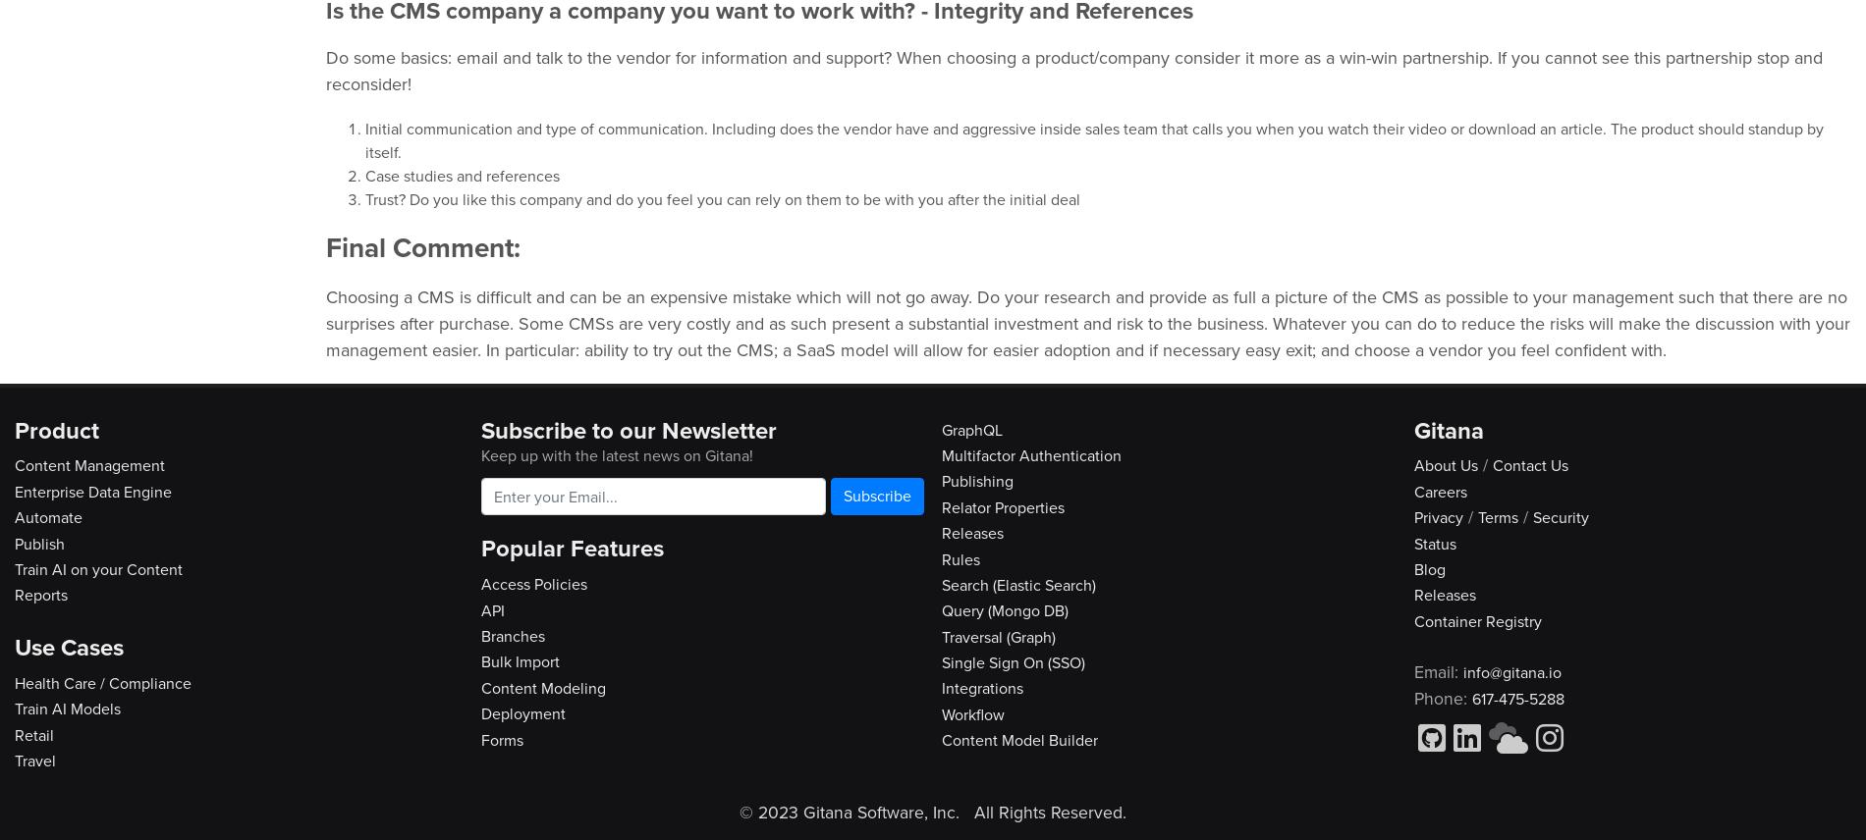 This screenshot has height=840, width=1866. What do you see at coordinates (1440, 491) in the screenshot?
I see `'Careers'` at bounding box center [1440, 491].